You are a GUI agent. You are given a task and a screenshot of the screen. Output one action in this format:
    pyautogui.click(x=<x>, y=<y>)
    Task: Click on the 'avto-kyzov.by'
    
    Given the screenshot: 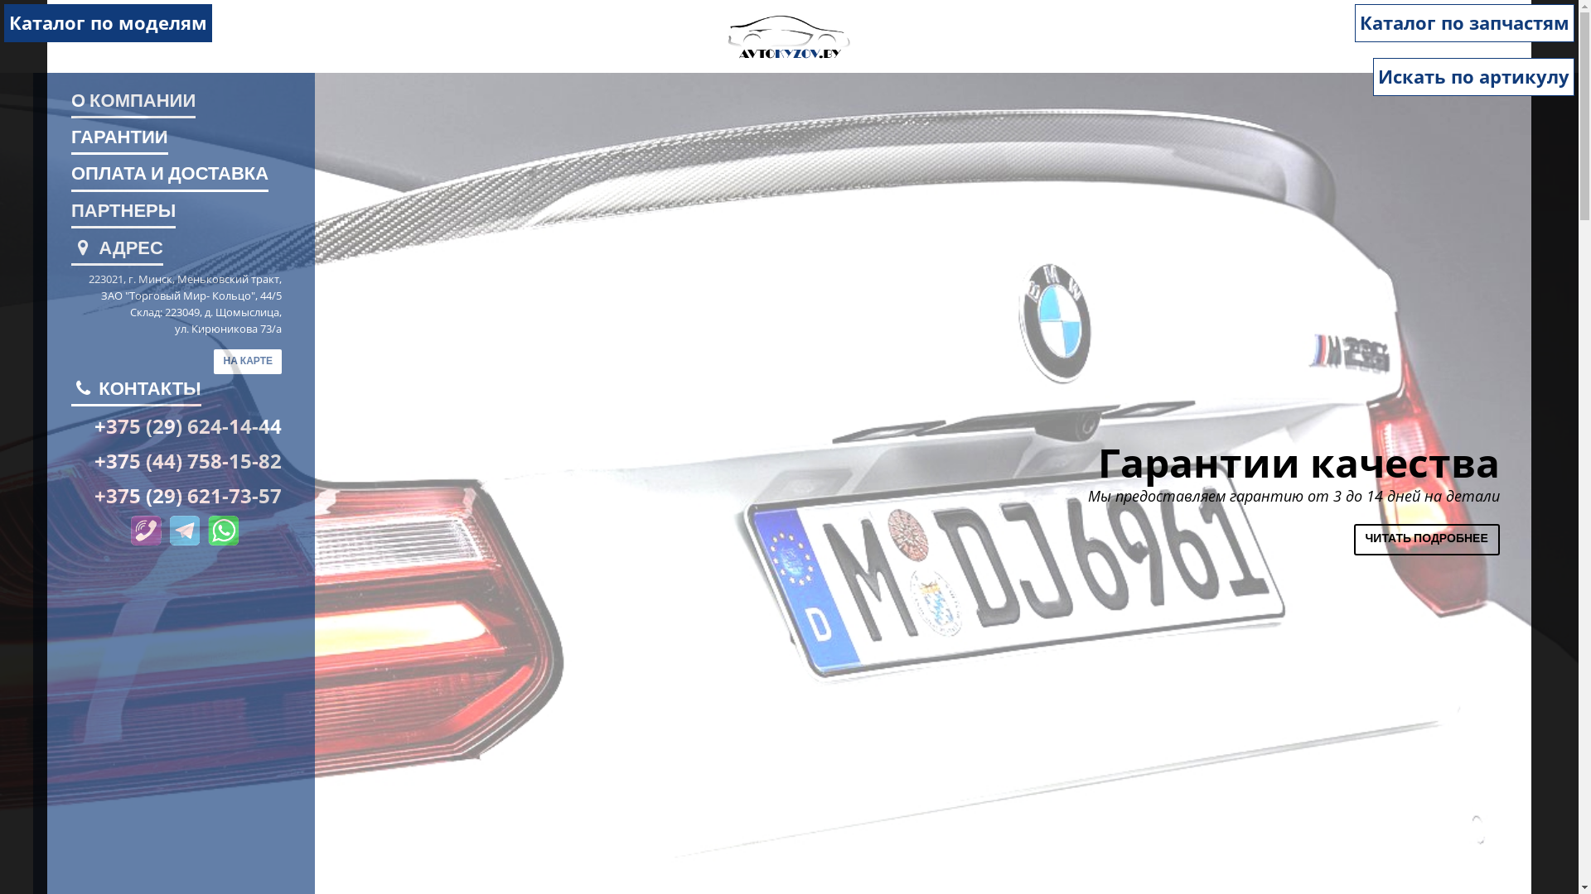 What is the action you would take?
    pyautogui.click(x=787, y=35)
    